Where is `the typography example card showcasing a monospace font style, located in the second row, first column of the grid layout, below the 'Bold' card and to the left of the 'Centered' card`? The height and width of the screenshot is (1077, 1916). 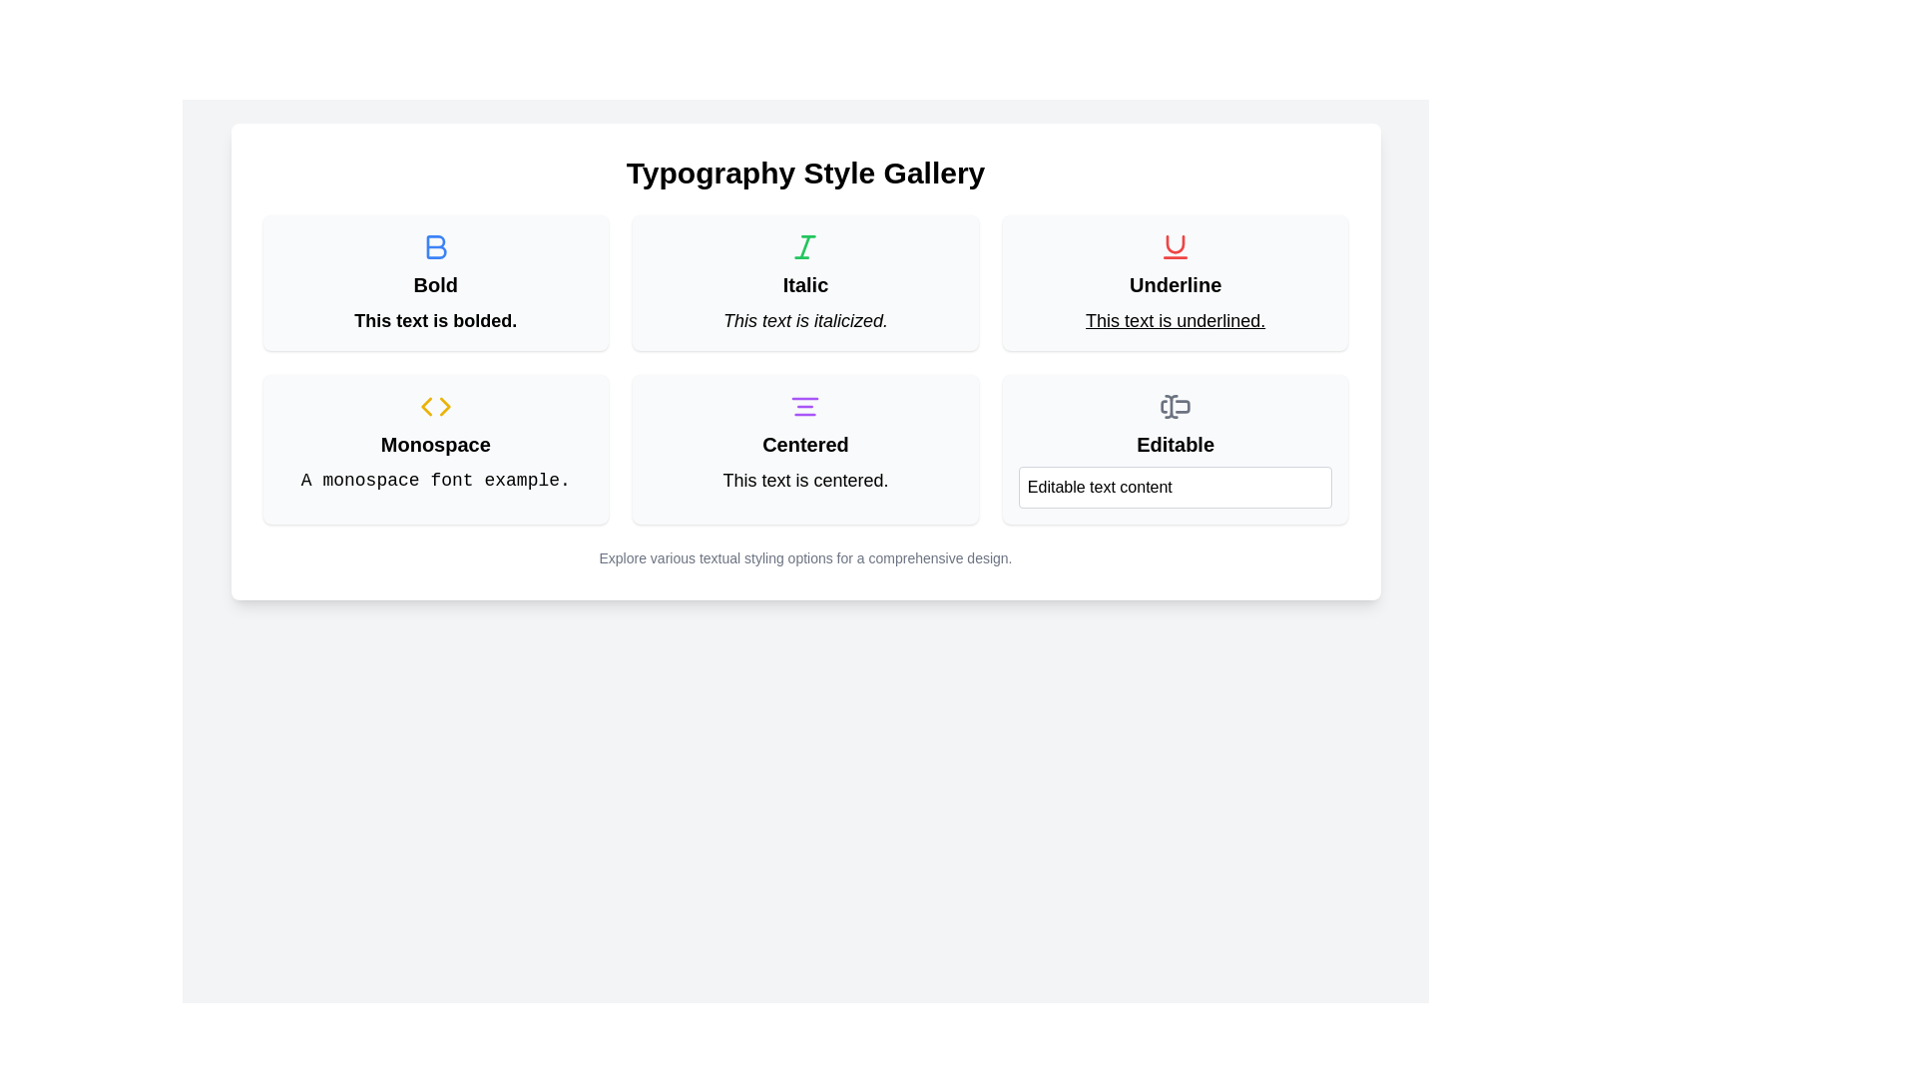
the typography example card showcasing a monospace font style, located in the second row, first column of the grid layout, below the 'Bold' card and to the left of the 'Centered' card is located at coordinates (434, 450).